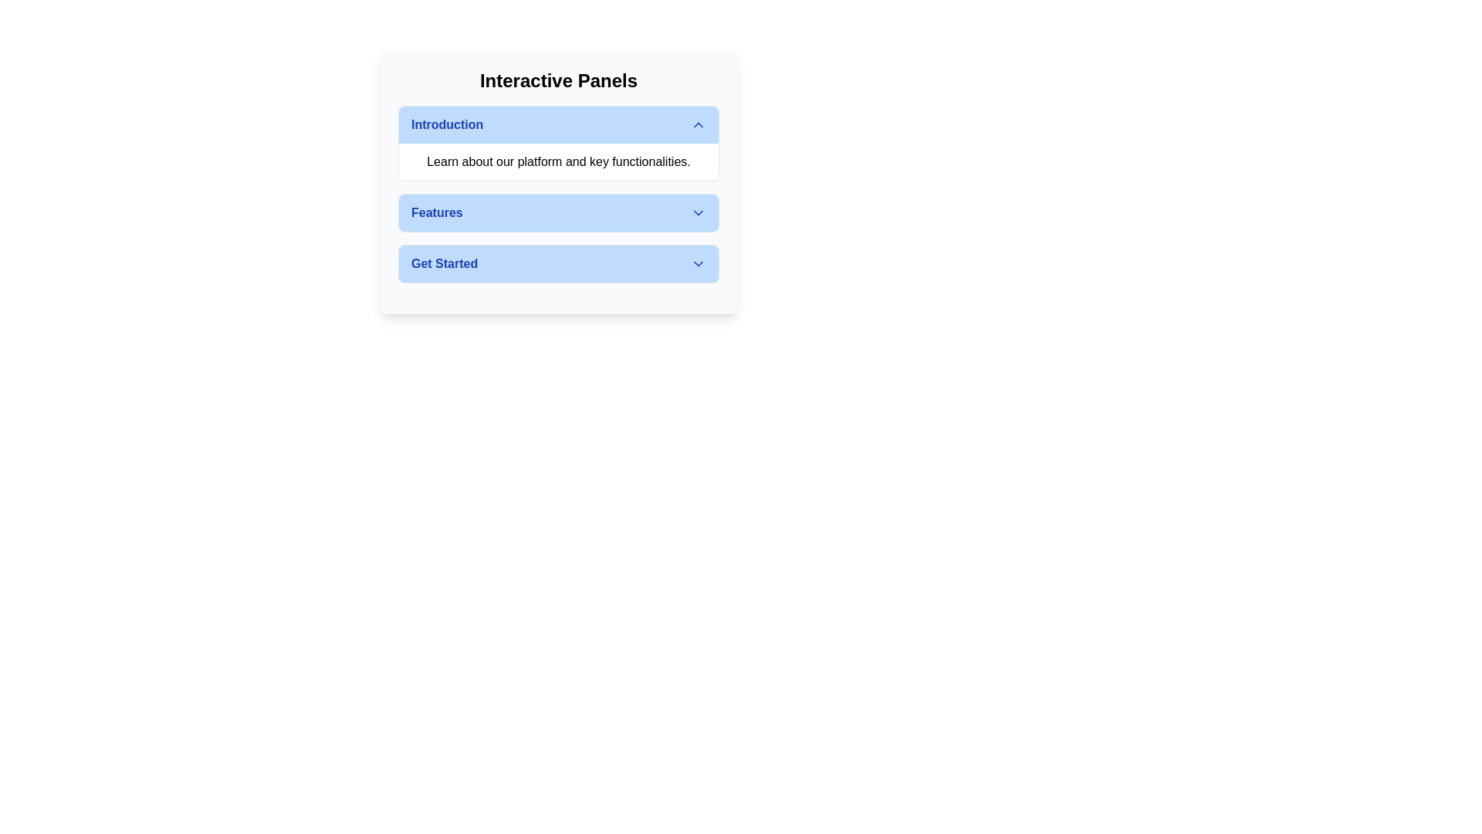 The height and width of the screenshot is (834, 1482). What do you see at coordinates (446, 124) in the screenshot?
I see `the 'Introduction' label which serves as a title for a collapsible panel section` at bounding box center [446, 124].